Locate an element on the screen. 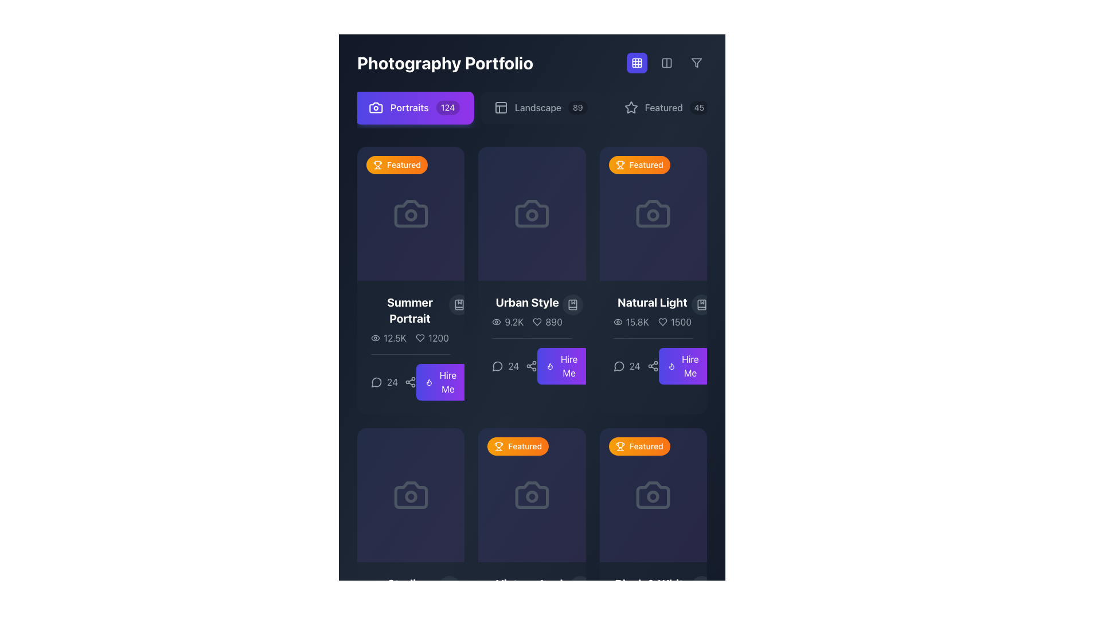 This screenshot has width=1101, height=619. the numerical label displaying '24', which is located in the third column of cards beneath the card's title and statistics, aligned with comment and share icons is located at coordinates (514, 366).